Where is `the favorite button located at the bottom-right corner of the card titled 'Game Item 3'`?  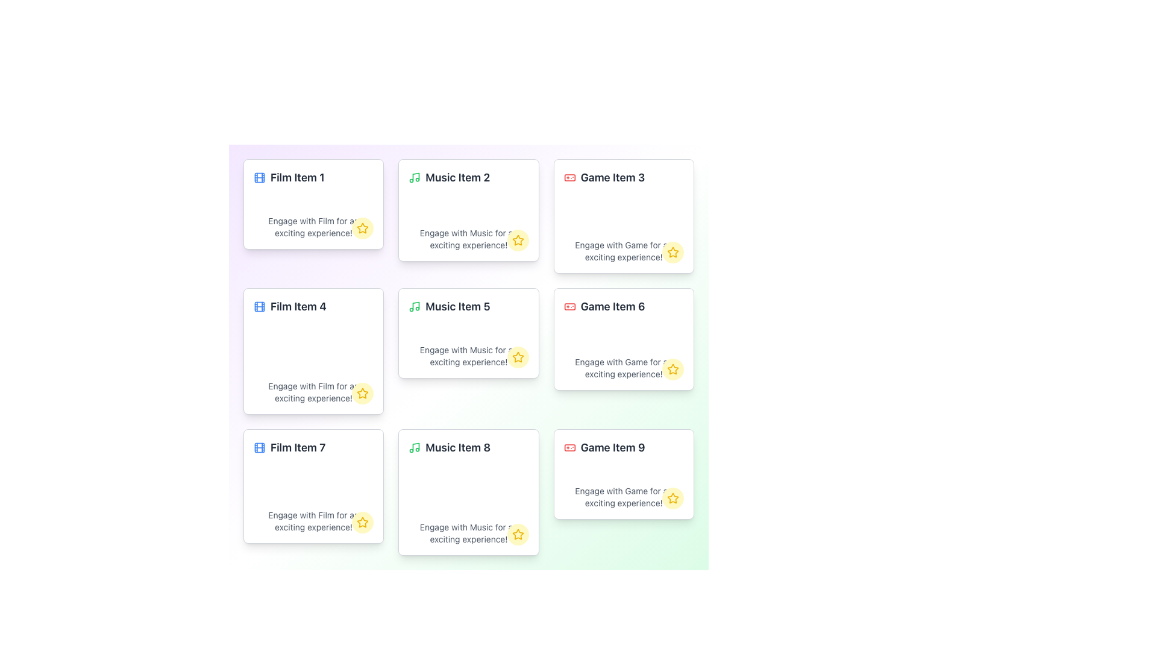
the favorite button located at the bottom-right corner of the card titled 'Game Item 3' is located at coordinates (673, 252).